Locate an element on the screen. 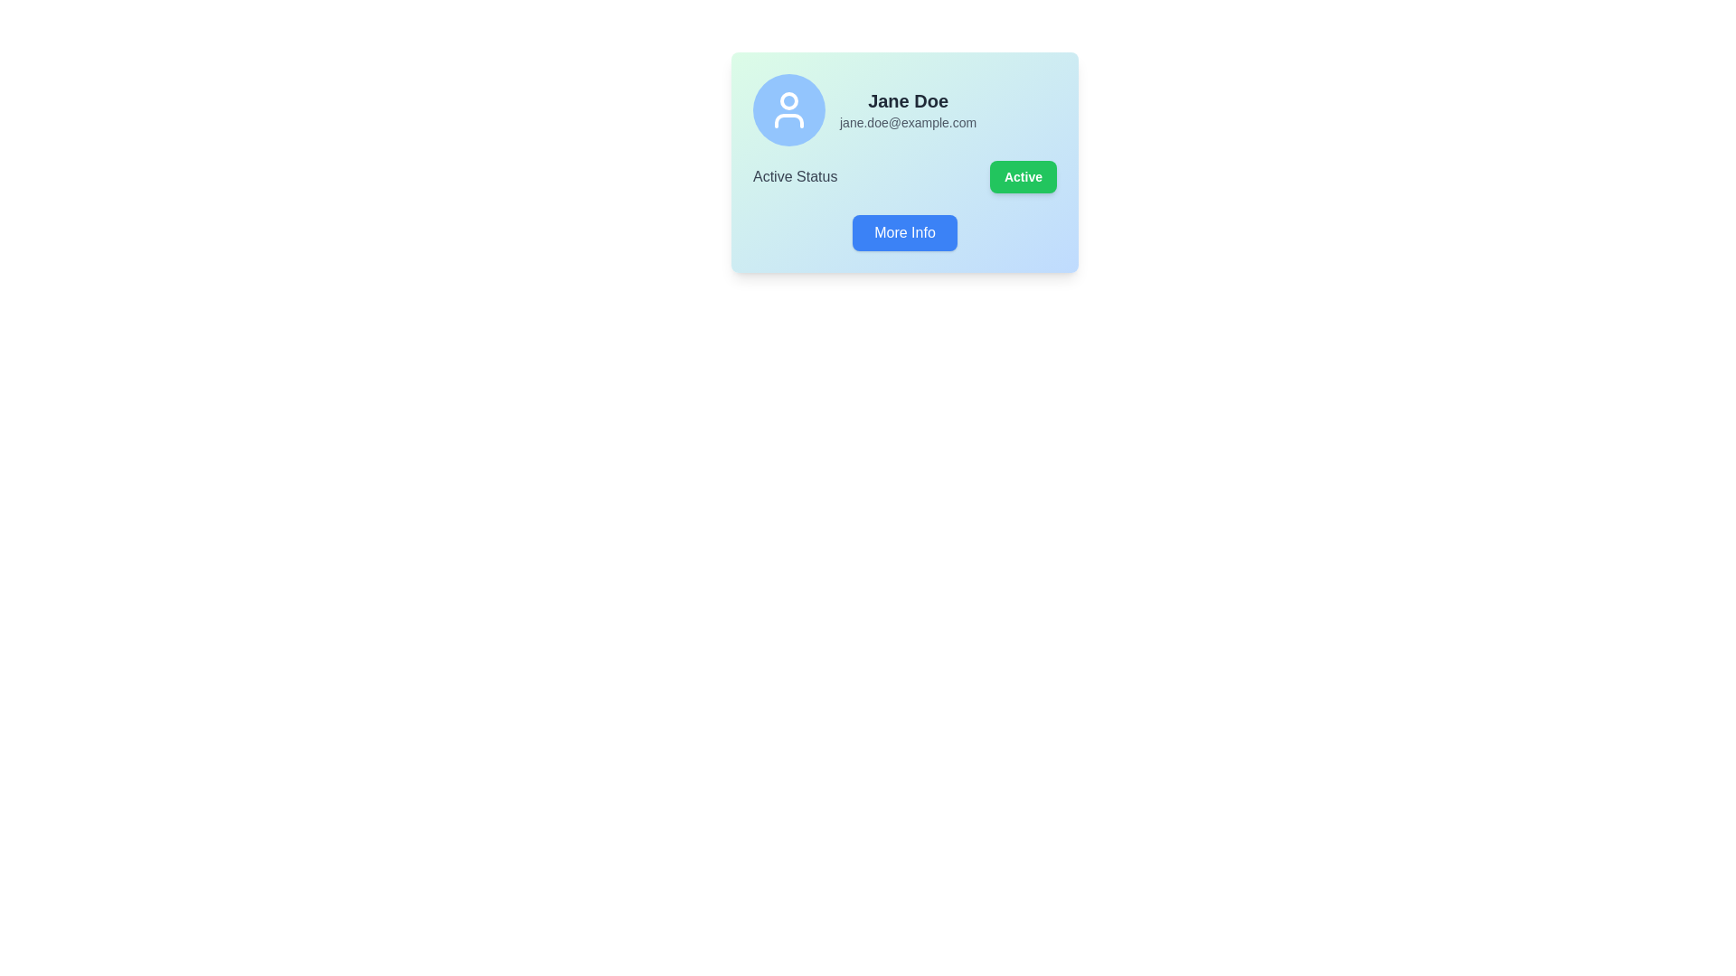 This screenshot has height=976, width=1736. the 'More Info' button, which is a rectangular button with rounded corners, blue background, and white text, located centrally beneath the 'Active Status' text and the green 'Active' button is located at coordinates (905, 232).